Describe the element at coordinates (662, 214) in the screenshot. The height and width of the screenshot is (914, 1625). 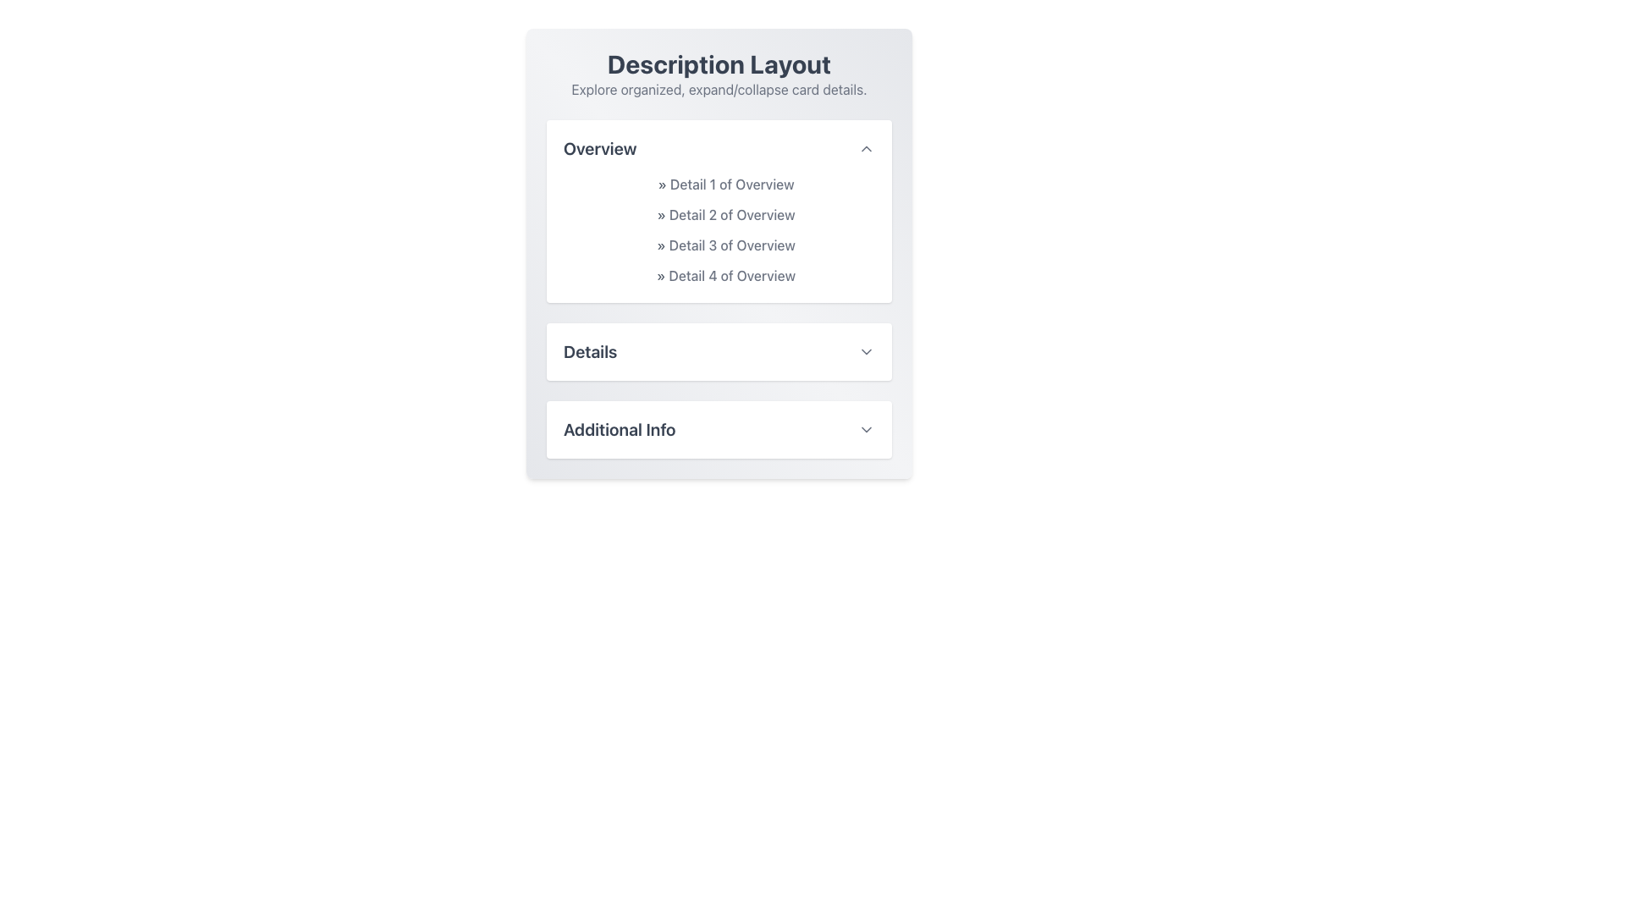
I see `the gray right-pointing chevron symbol ('»') located in the 'Overview' section, preceding the text 'Detail 2 of Overview'` at that location.